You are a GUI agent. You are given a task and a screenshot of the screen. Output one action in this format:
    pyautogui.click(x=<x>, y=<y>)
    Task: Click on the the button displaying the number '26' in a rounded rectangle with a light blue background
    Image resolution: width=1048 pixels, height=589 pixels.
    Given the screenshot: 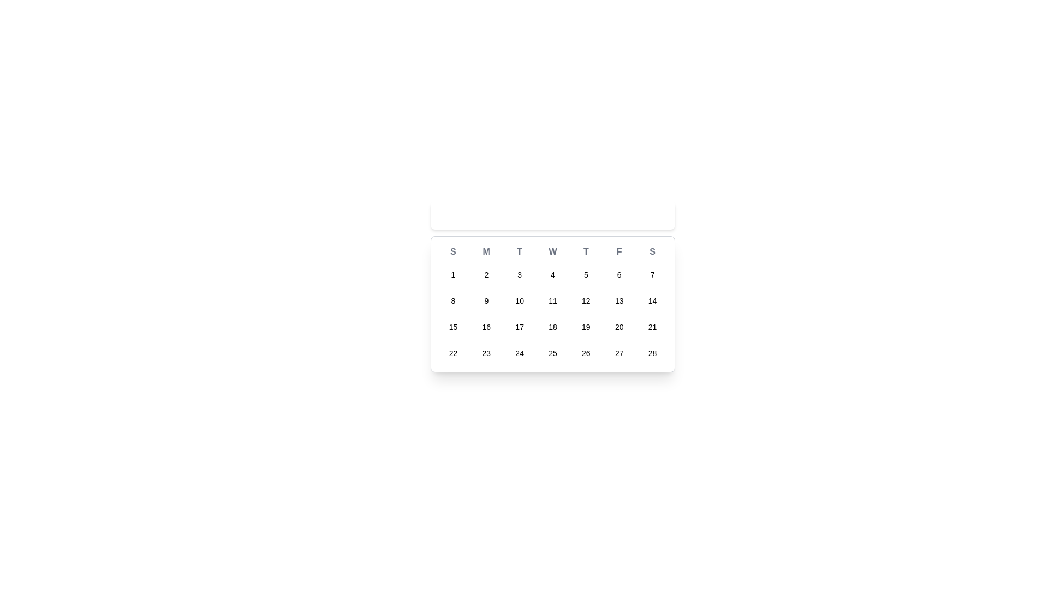 What is the action you would take?
    pyautogui.click(x=585, y=353)
    